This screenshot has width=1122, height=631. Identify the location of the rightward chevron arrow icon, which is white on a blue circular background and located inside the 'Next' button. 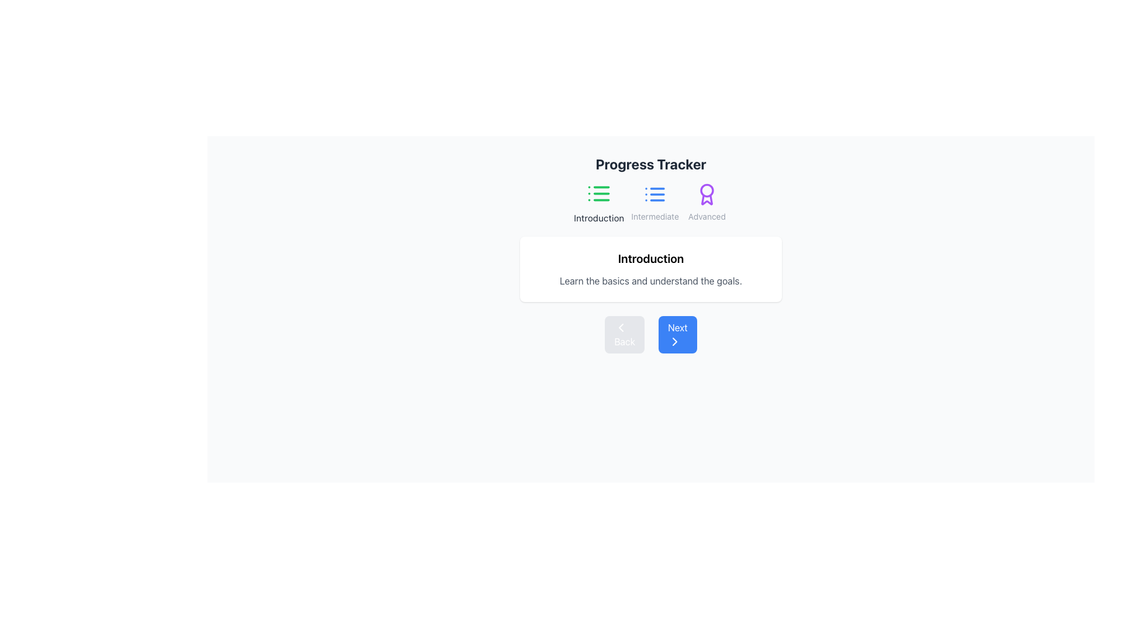
(675, 342).